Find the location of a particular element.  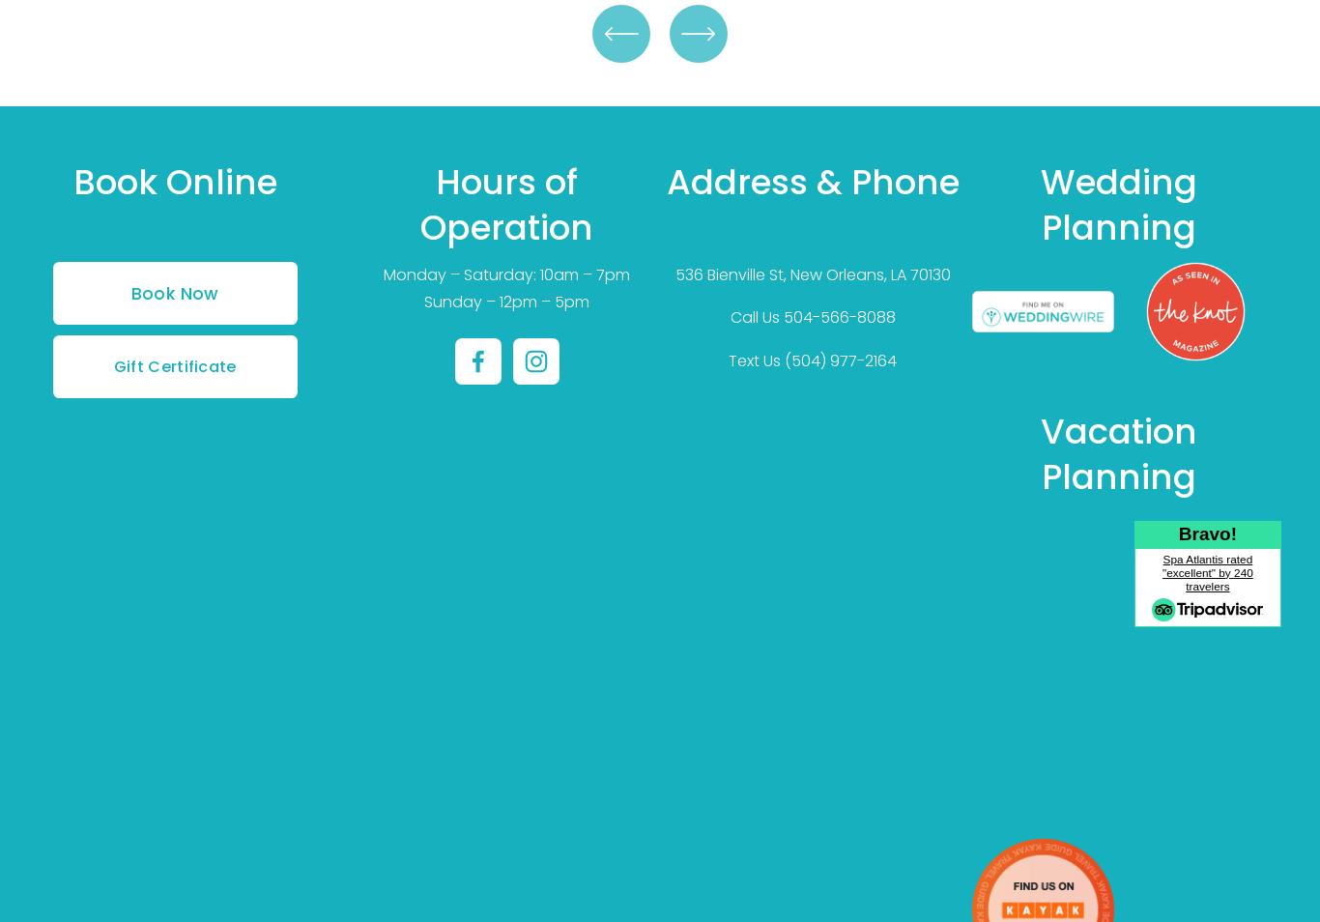

'Monday – Saturday: 10am – 7pm' is located at coordinates (506, 274).